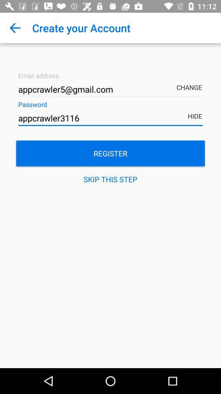  What do you see at coordinates (110, 153) in the screenshot?
I see `the register` at bounding box center [110, 153].